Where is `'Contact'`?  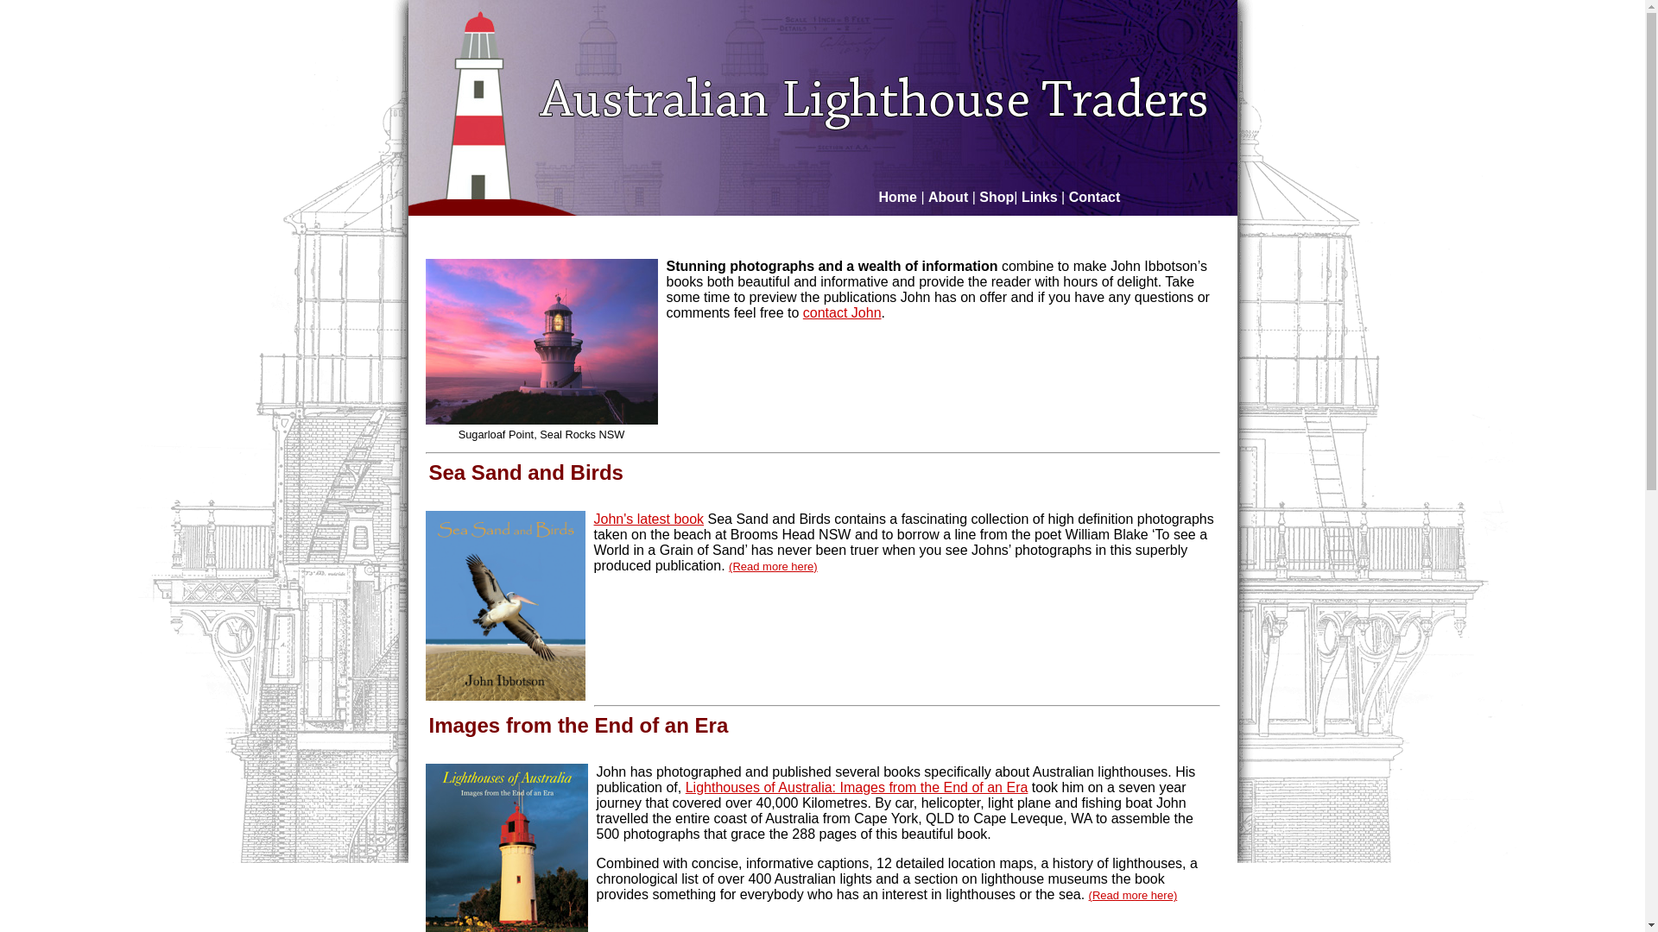
'Contact' is located at coordinates (1093, 196).